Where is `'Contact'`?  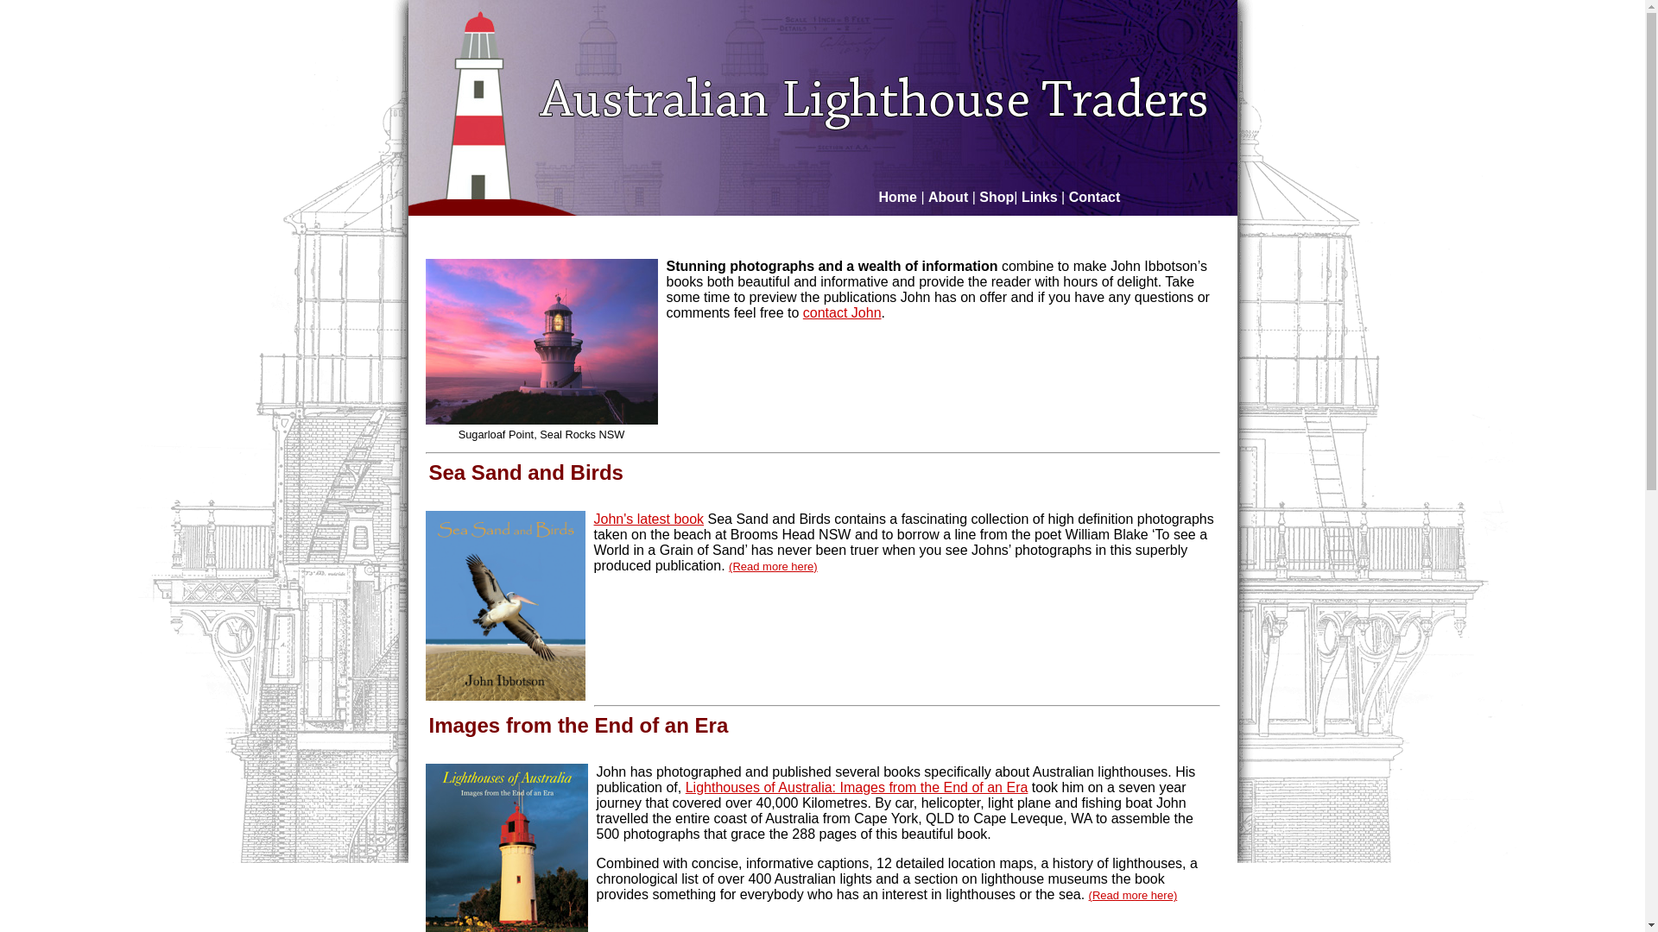
'Contact' is located at coordinates (1093, 196).